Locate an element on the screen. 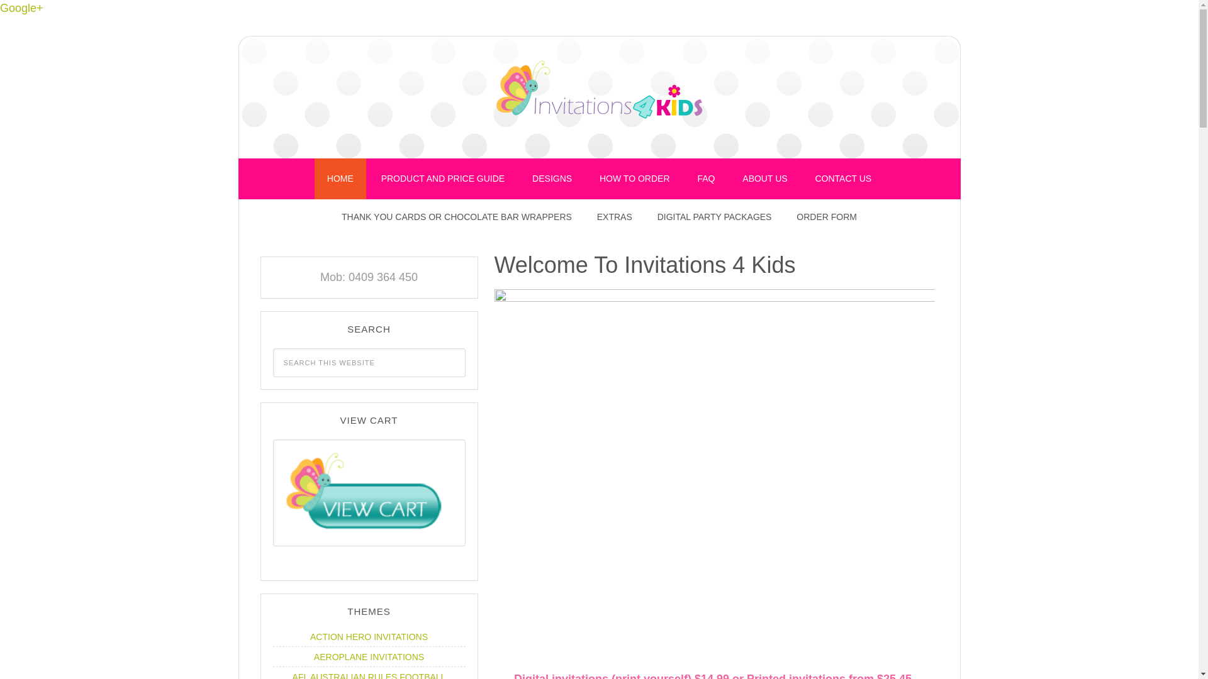  'ORDER FORM' is located at coordinates (827, 216).